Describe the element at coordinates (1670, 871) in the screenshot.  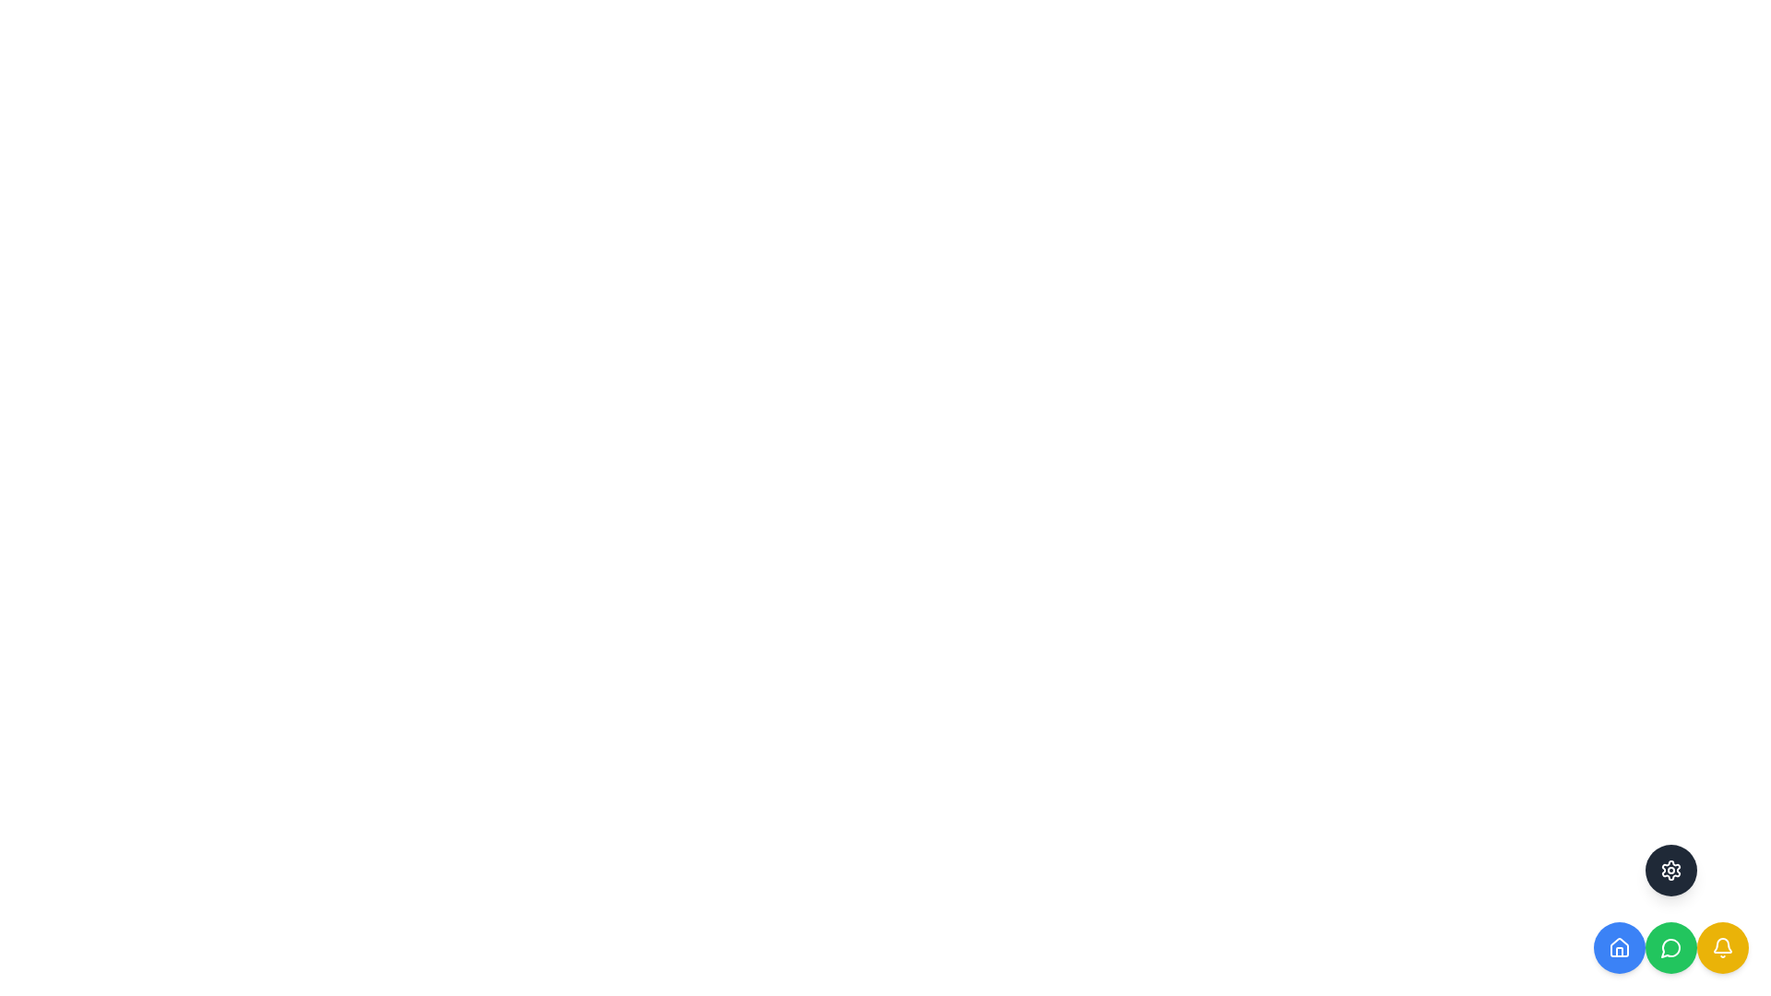
I see `the Settings Icon located at the bottom-right corner of the interface` at that location.